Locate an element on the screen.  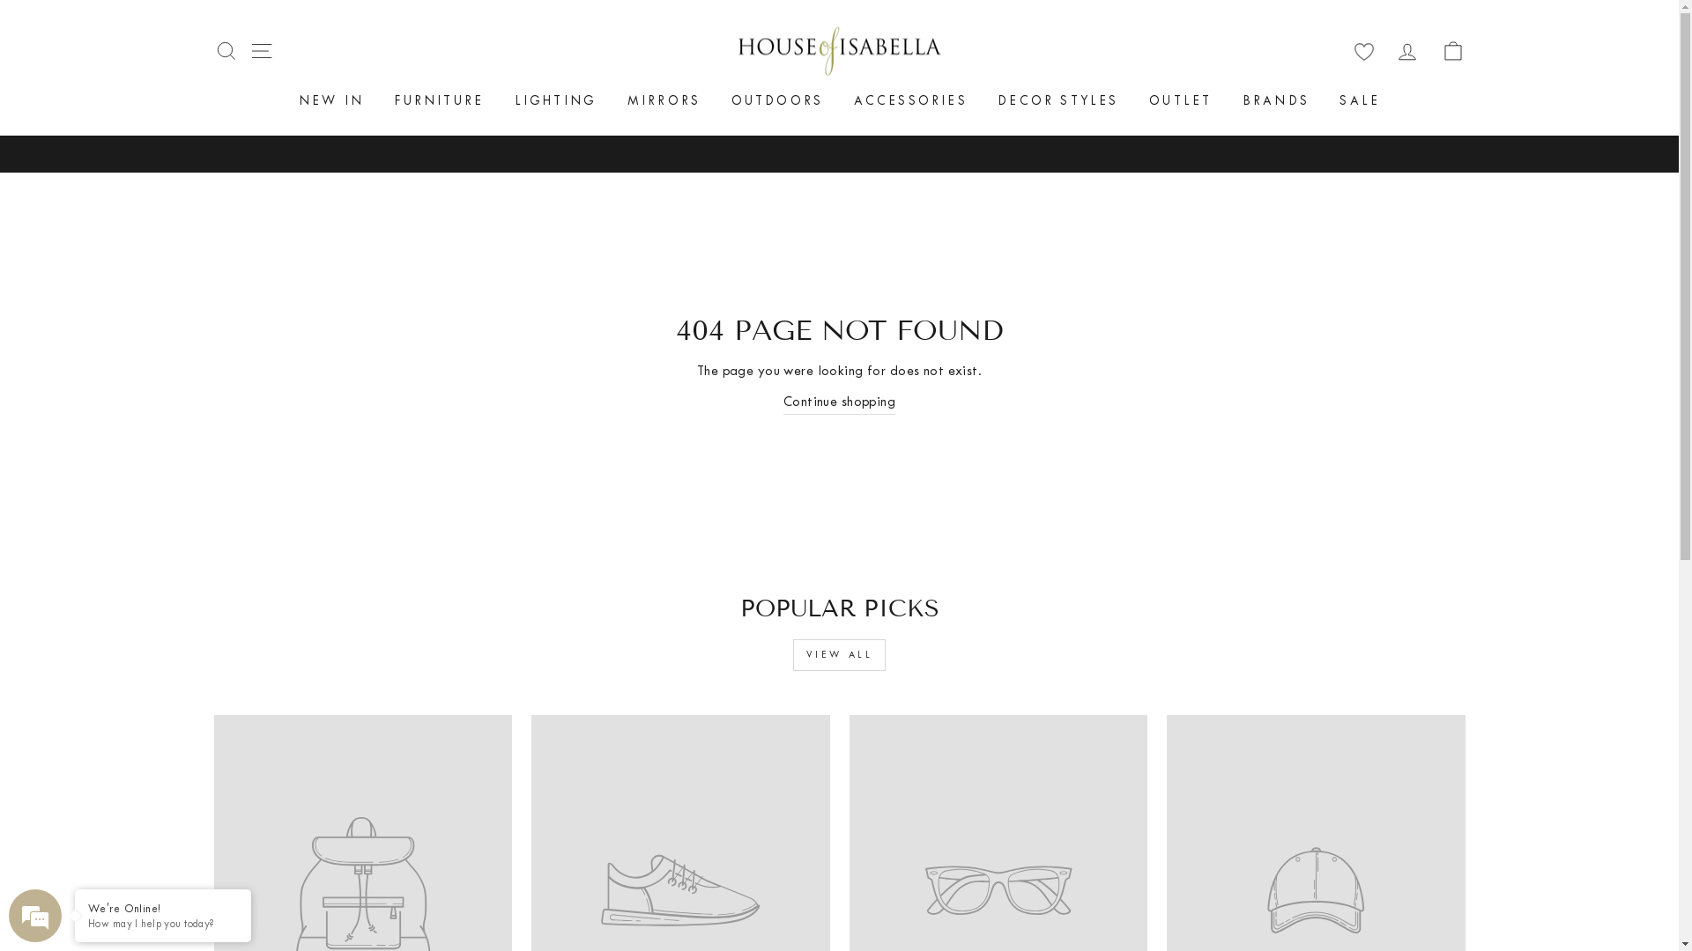
'LOG IN' is located at coordinates (1406, 49).